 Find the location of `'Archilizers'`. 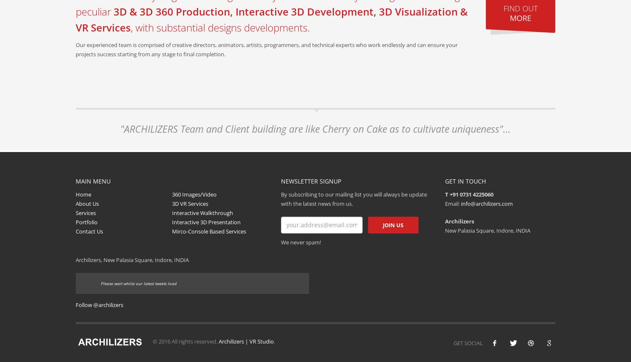

'Archilizers' is located at coordinates (459, 220).